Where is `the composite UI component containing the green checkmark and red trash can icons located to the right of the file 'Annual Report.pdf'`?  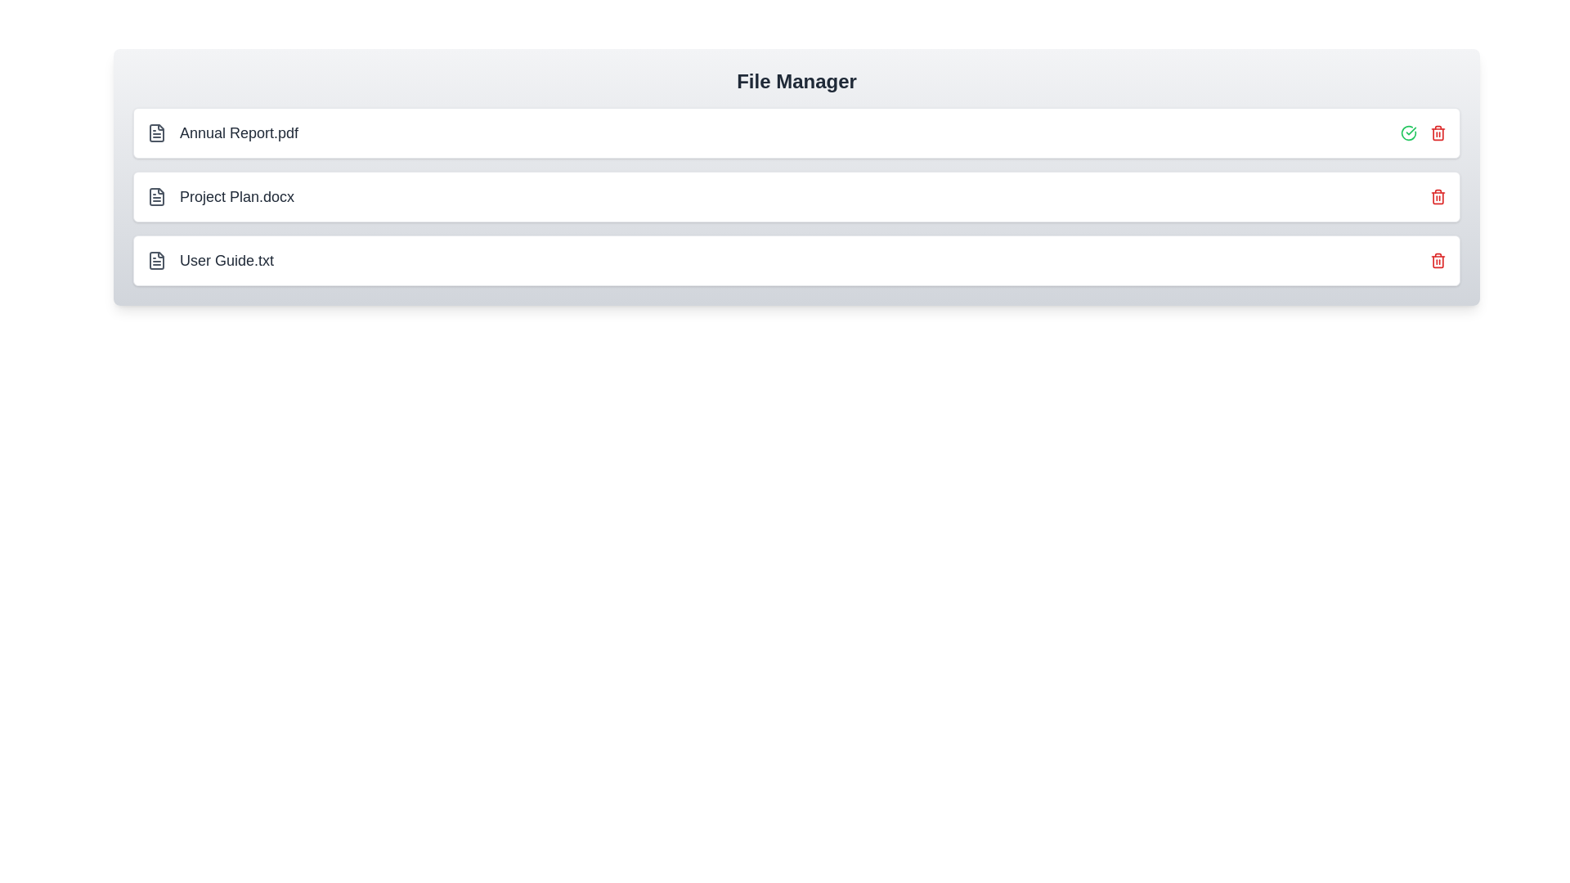
the composite UI component containing the green checkmark and red trash can icons located to the right of the file 'Annual Report.pdf' is located at coordinates (1423, 132).